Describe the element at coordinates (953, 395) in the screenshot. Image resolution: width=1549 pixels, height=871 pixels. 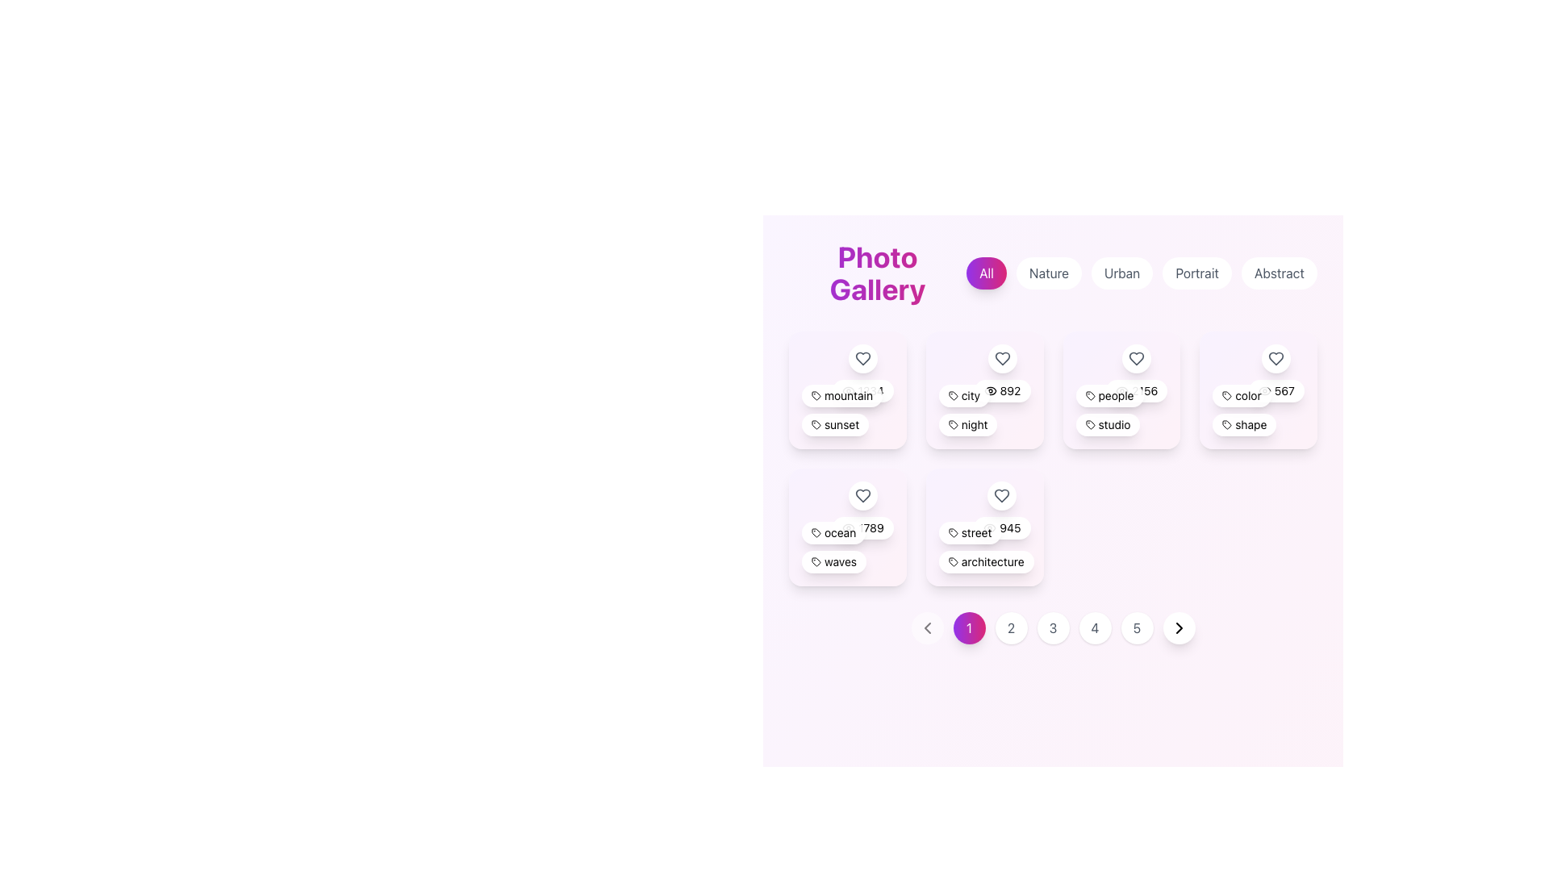
I see `the tag symbol icon located to the left of the text 'city', which is centrally aligned with the text vertically` at that location.